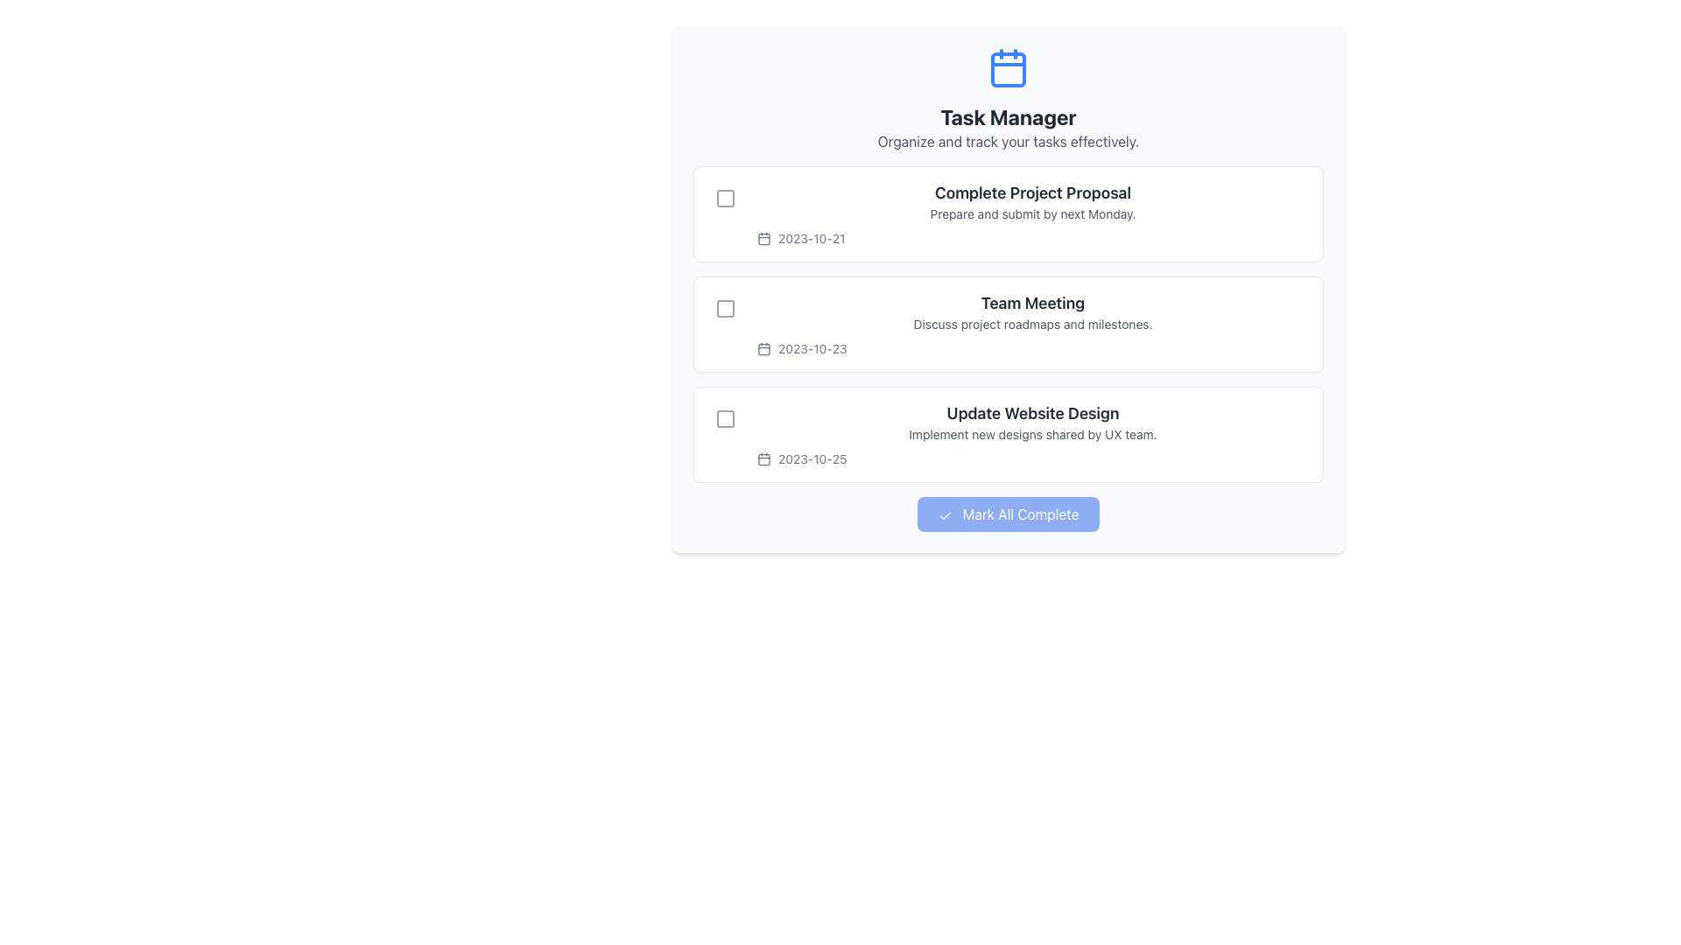 This screenshot has height=945, width=1681. What do you see at coordinates (726, 308) in the screenshot?
I see `the toggle button for the second task entry to change its completion status, which is located to the left of the text 'Team Meeting' and 'Discuss project roadmaps and milestones.'` at bounding box center [726, 308].